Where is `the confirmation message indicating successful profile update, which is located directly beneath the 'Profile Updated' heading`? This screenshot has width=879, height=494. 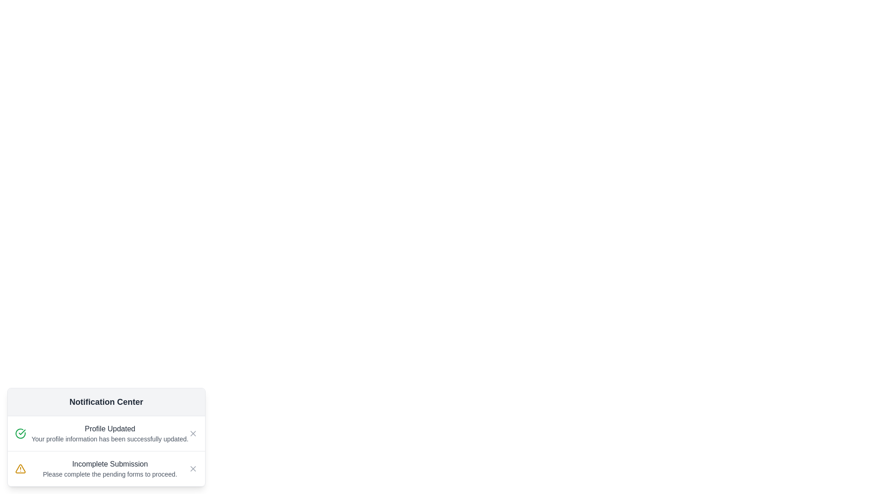 the confirmation message indicating successful profile update, which is located directly beneath the 'Profile Updated' heading is located at coordinates (110, 439).